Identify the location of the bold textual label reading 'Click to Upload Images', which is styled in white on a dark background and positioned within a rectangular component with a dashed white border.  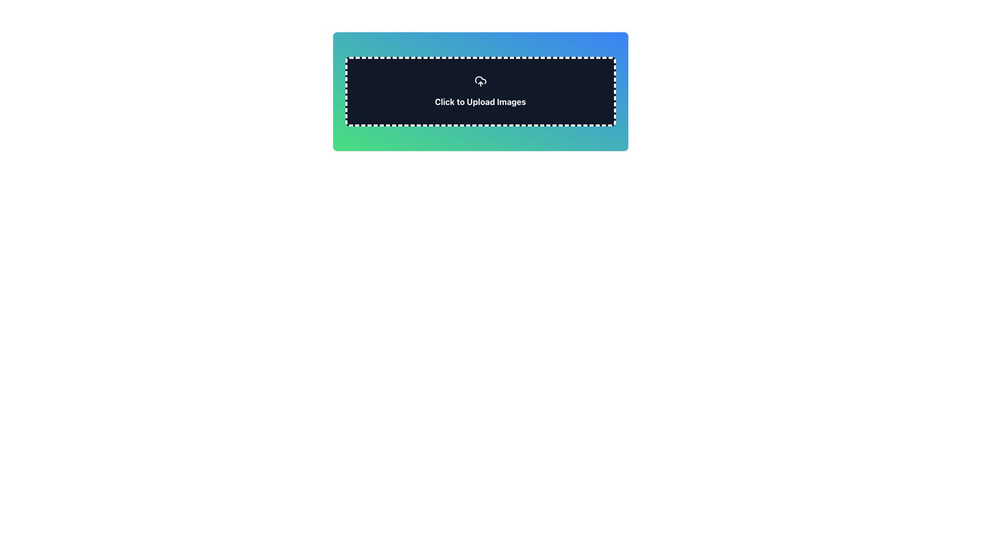
(480, 102).